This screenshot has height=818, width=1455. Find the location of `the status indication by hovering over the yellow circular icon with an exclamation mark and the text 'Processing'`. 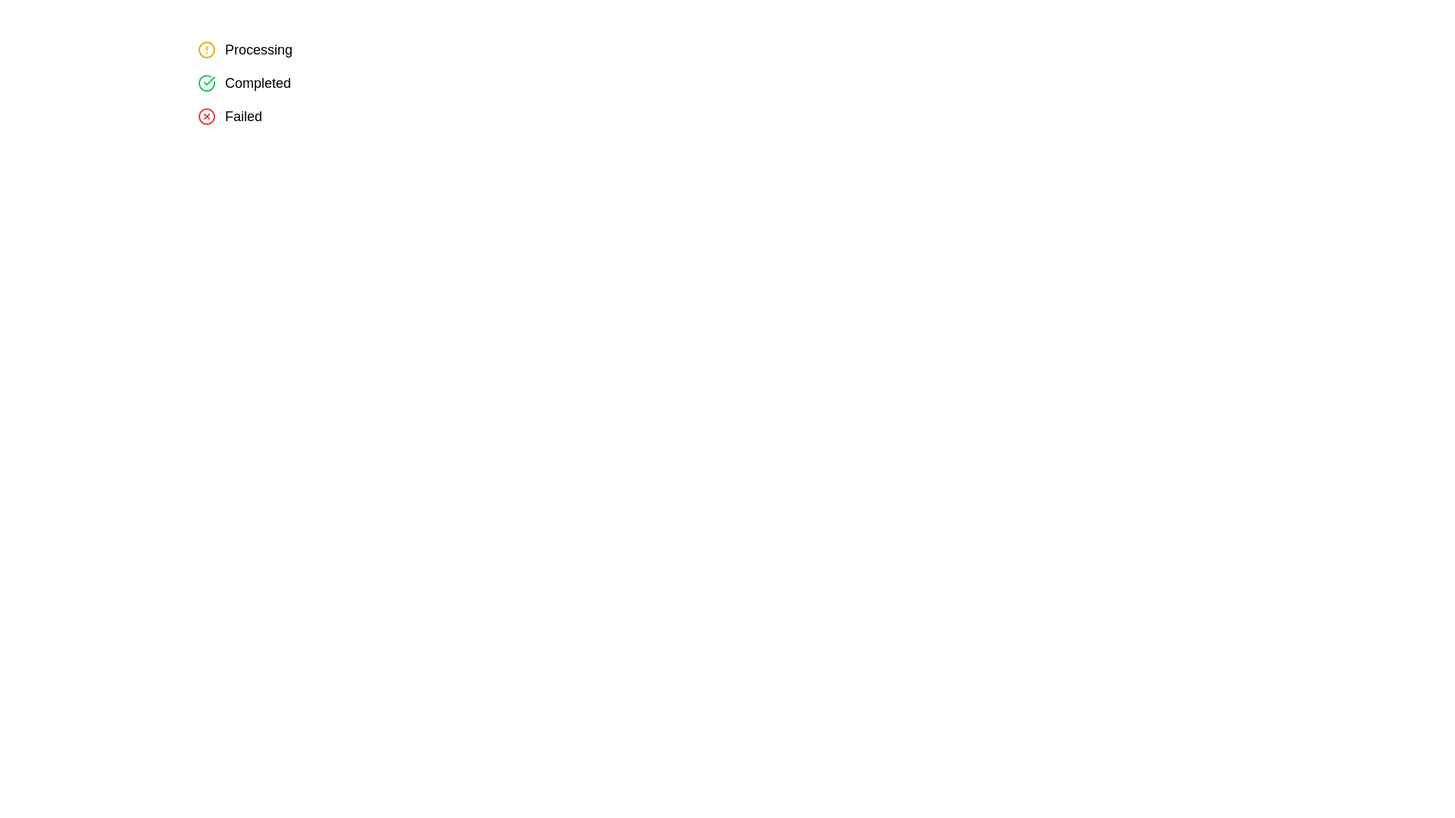

the status indication by hovering over the yellow circular icon with an exclamation mark and the text 'Processing' is located at coordinates (245, 48).